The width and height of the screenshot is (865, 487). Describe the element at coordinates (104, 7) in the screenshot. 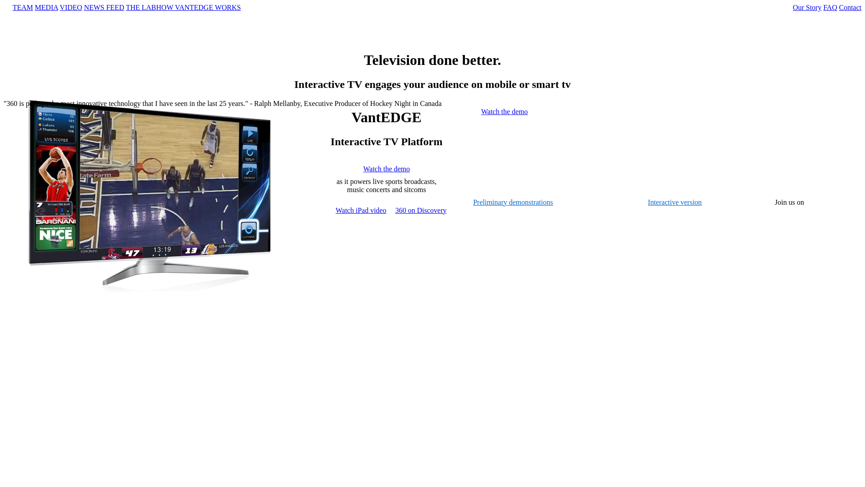

I see `'NEWS FEED'` at that location.